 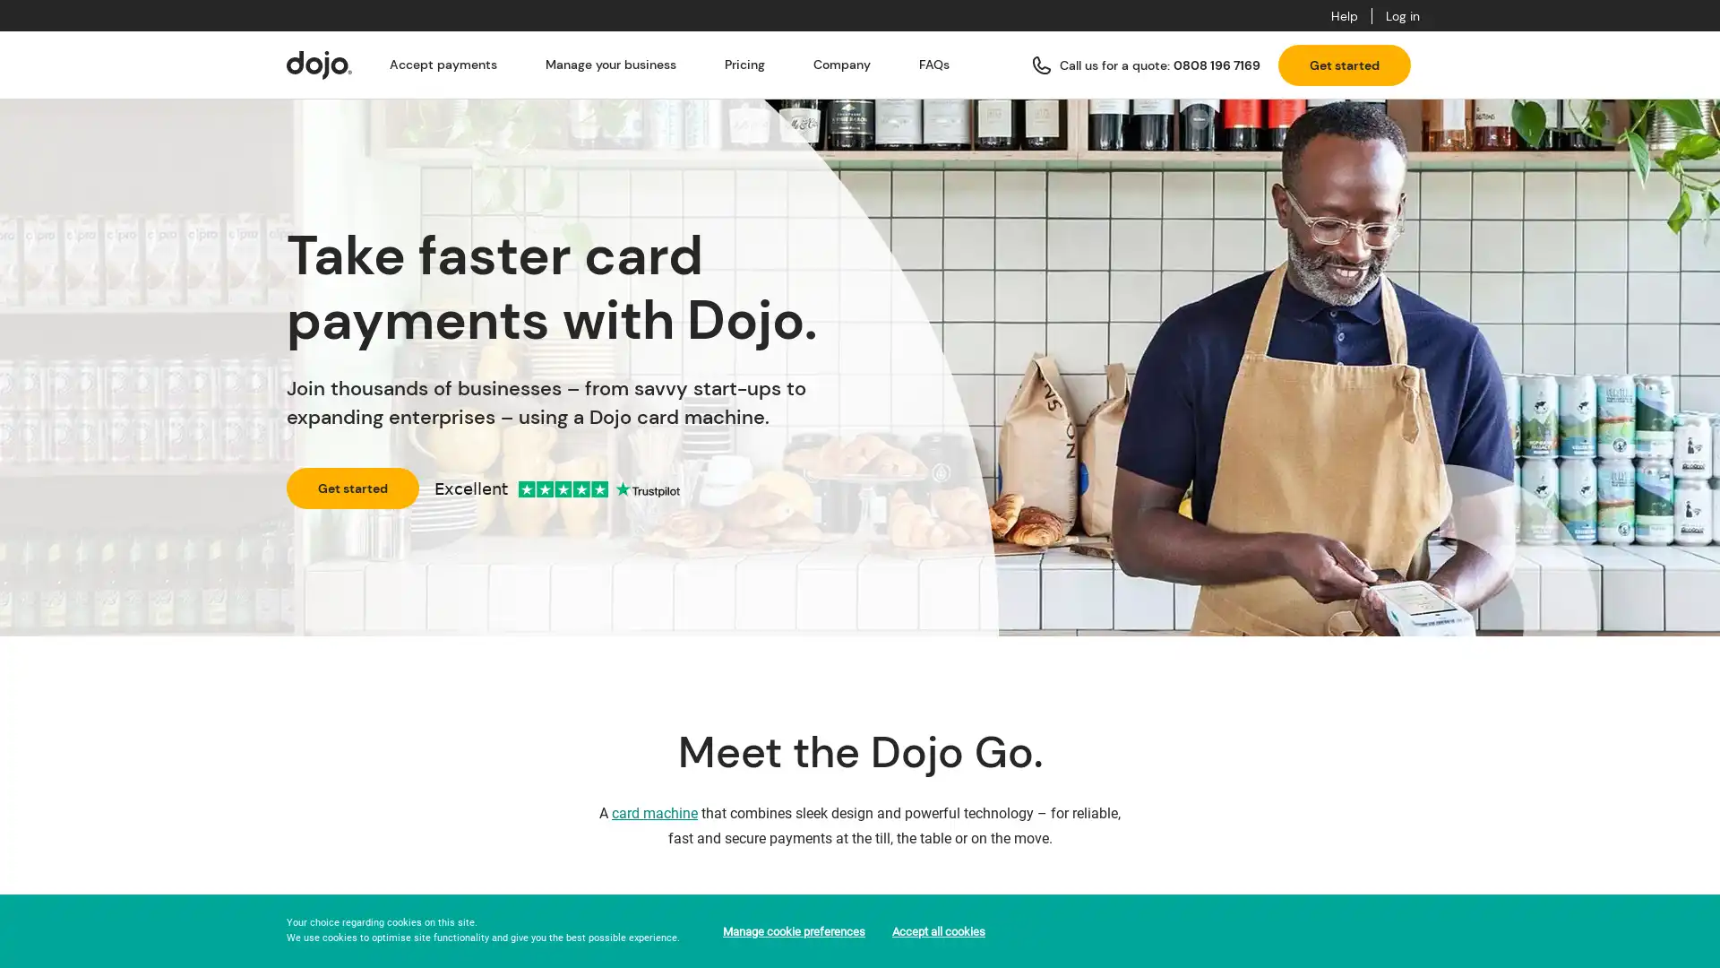 I want to click on Accept all cookies, so click(x=937, y=929).